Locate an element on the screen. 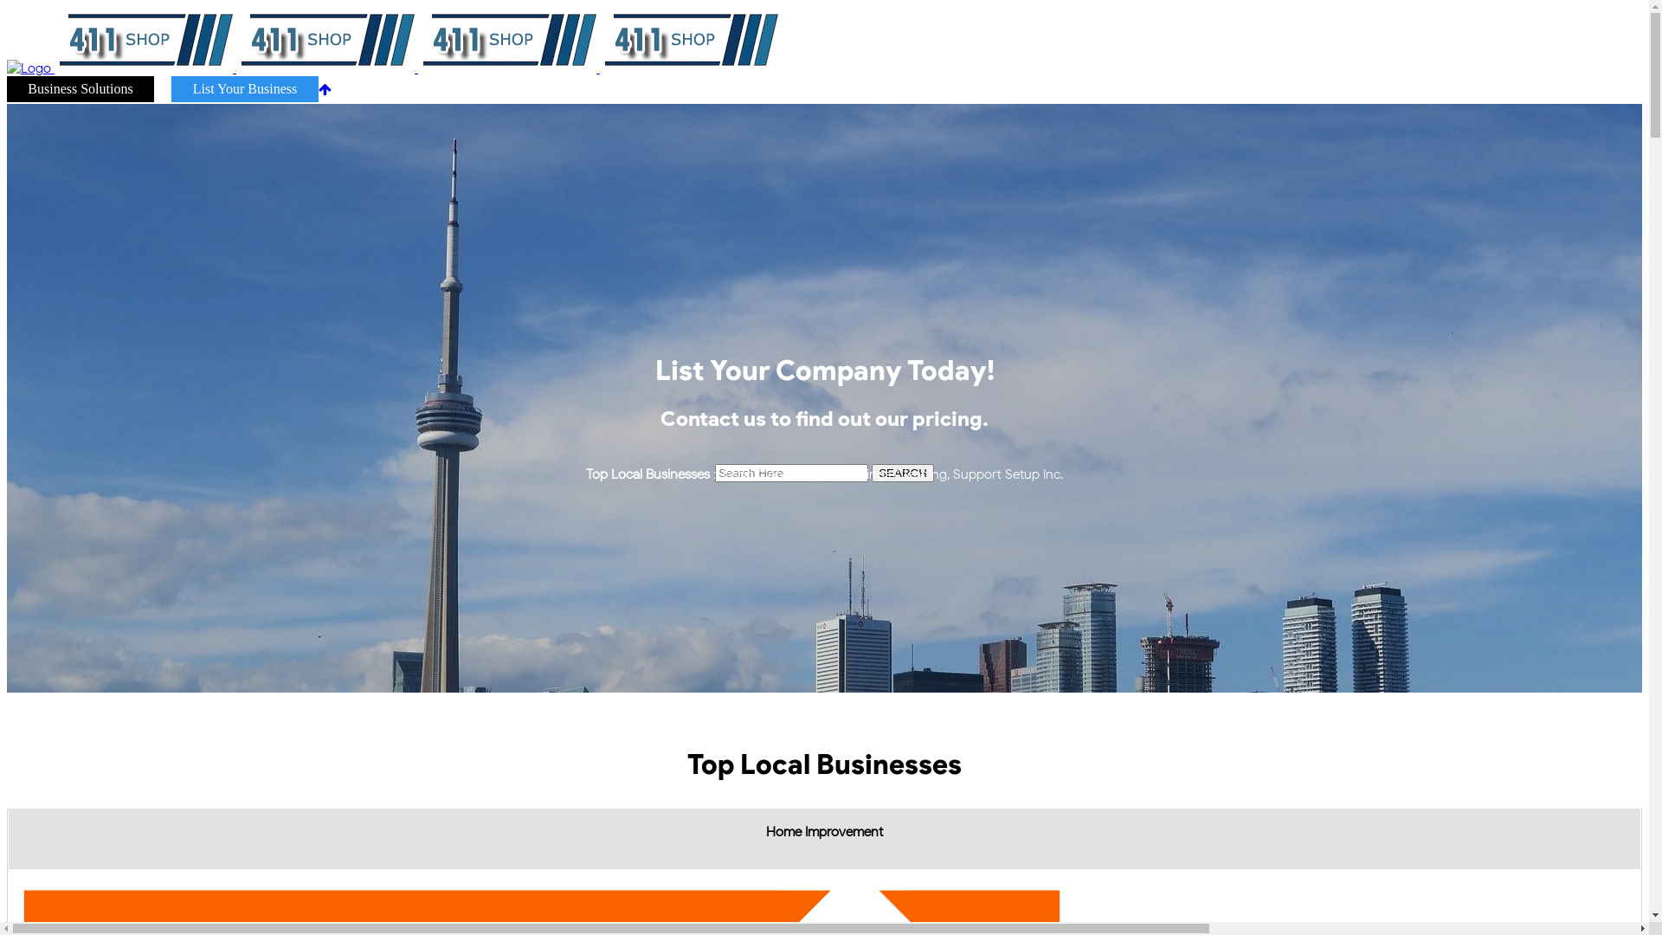  'SEARCH' is located at coordinates (901, 473).